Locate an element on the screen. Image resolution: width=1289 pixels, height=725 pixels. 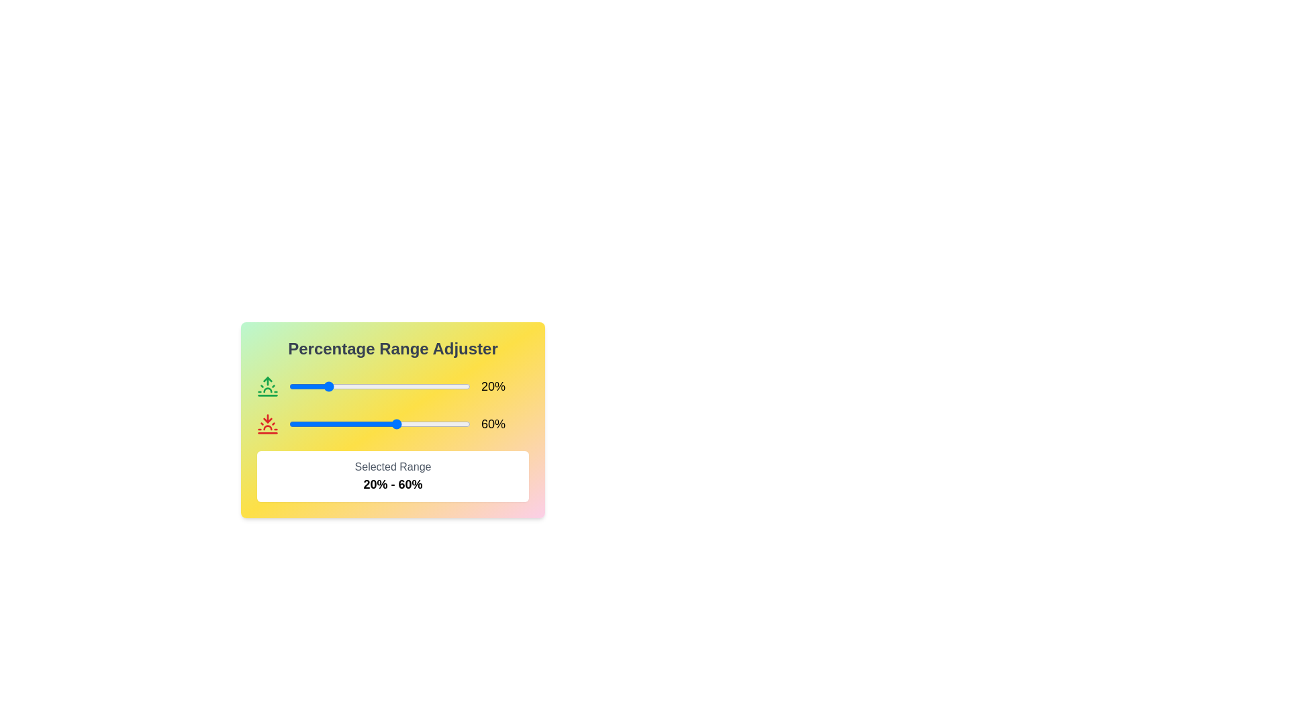
the slider position is located at coordinates (377, 424).